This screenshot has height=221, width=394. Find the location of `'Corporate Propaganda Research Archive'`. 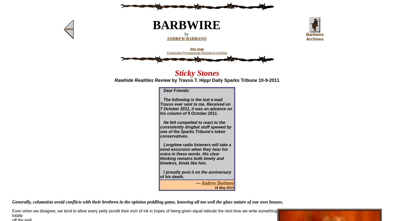

'Corporate Propaganda Research Archive' is located at coordinates (197, 53).